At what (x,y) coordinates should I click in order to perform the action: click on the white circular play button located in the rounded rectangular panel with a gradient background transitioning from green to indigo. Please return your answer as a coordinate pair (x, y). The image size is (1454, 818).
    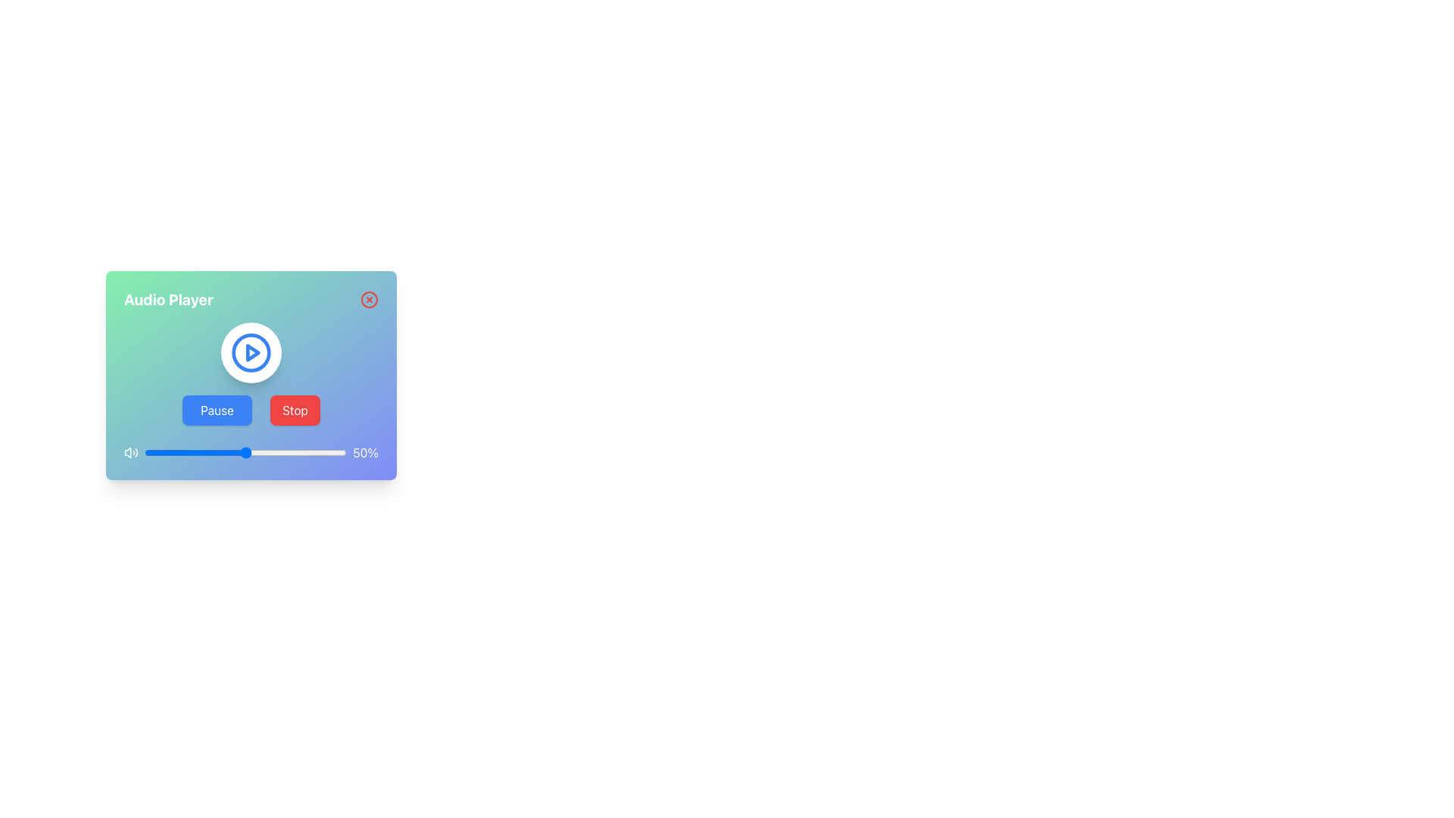
    Looking at the image, I should click on (251, 375).